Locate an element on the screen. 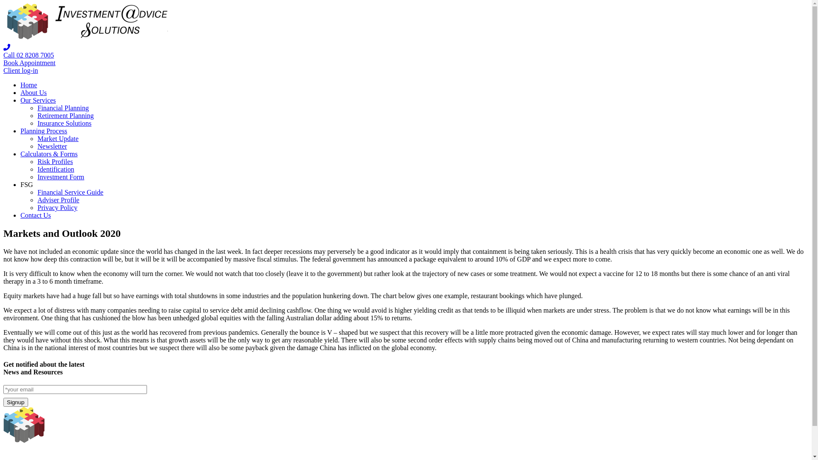 Image resolution: width=818 pixels, height=460 pixels. 'Book Appointment' is located at coordinates (29, 62).